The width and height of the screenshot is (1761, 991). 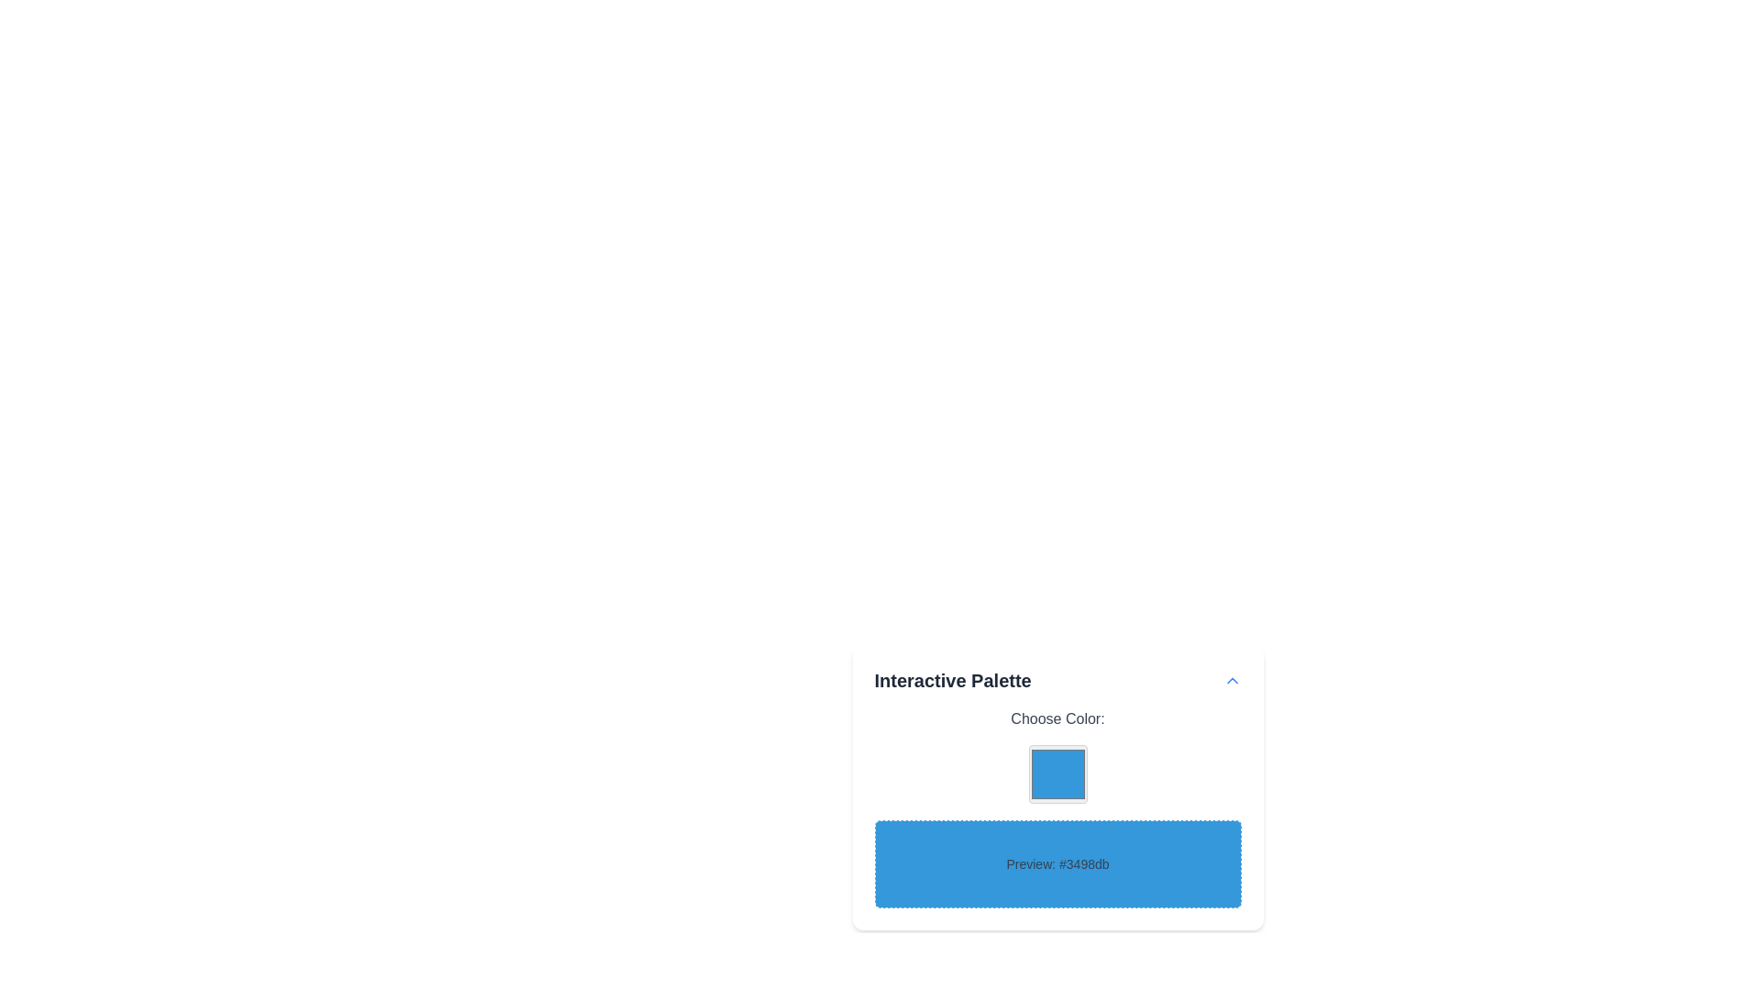 I want to click on the Display box with a blue background, rounded corners, and a dashed border that contains the text 'Preview: #3498db', located within the 'Choose Color:' section, so click(x=1058, y=863).